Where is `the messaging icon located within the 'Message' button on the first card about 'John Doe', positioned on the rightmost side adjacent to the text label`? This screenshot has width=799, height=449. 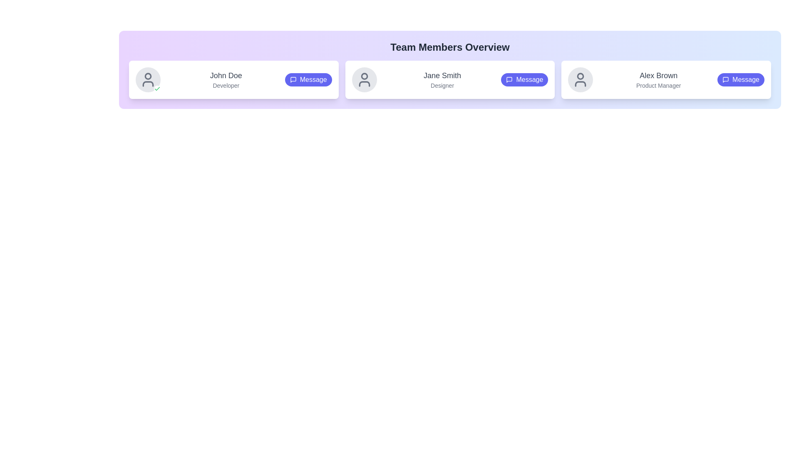
the messaging icon located within the 'Message' button on the first card about 'John Doe', positioned on the rightmost side adjacent to the text label is located at coordinates (293, 80).